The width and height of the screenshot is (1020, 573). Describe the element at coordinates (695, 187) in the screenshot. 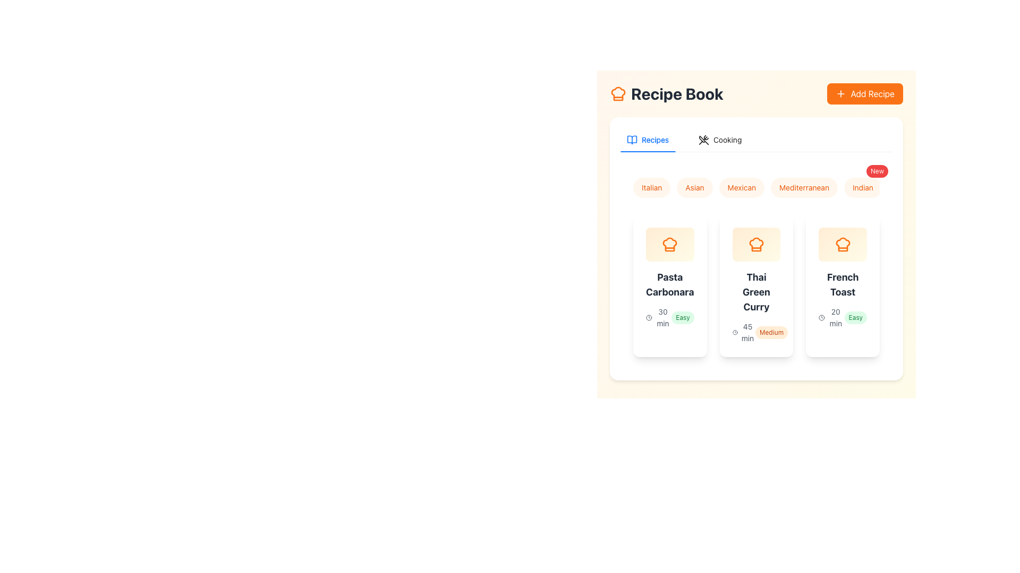

I see `the second button from the left in the horizontally scrollable list of cuisine options to filter recipes by Asian cuisine` at that location.